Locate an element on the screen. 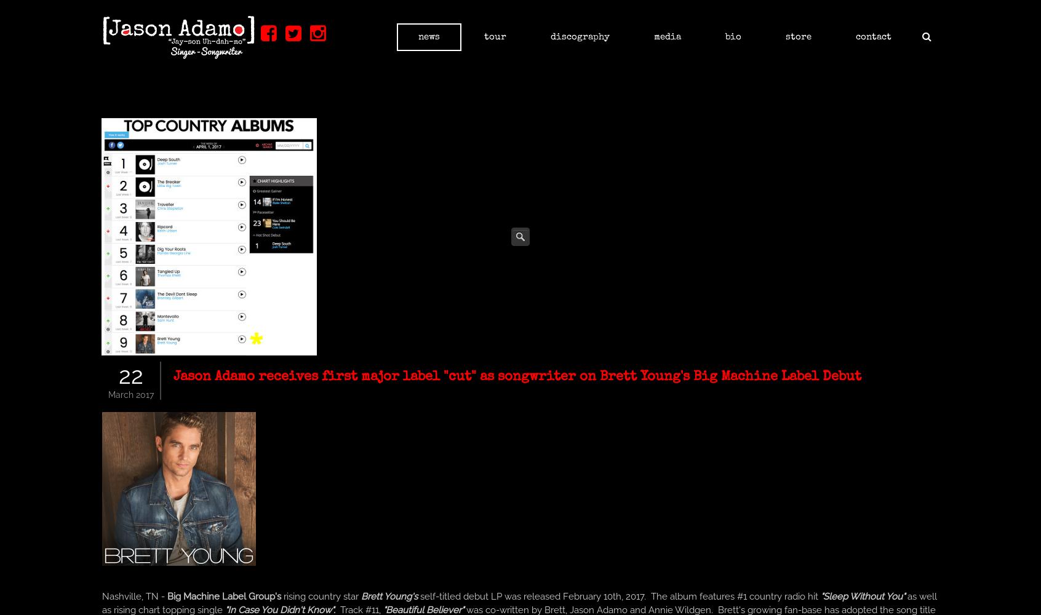 The image size is (1041, 615). 'Brett Young's' is located at coordinates (388, 595).